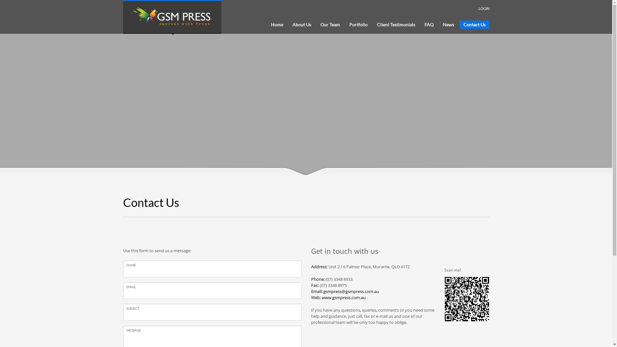 The width and height of the screenshot is (617, 347). What do you see at coordinates (395, 24) in the screenshot?
I see `'Client Testimonials'` at bounding box center [395, 24].